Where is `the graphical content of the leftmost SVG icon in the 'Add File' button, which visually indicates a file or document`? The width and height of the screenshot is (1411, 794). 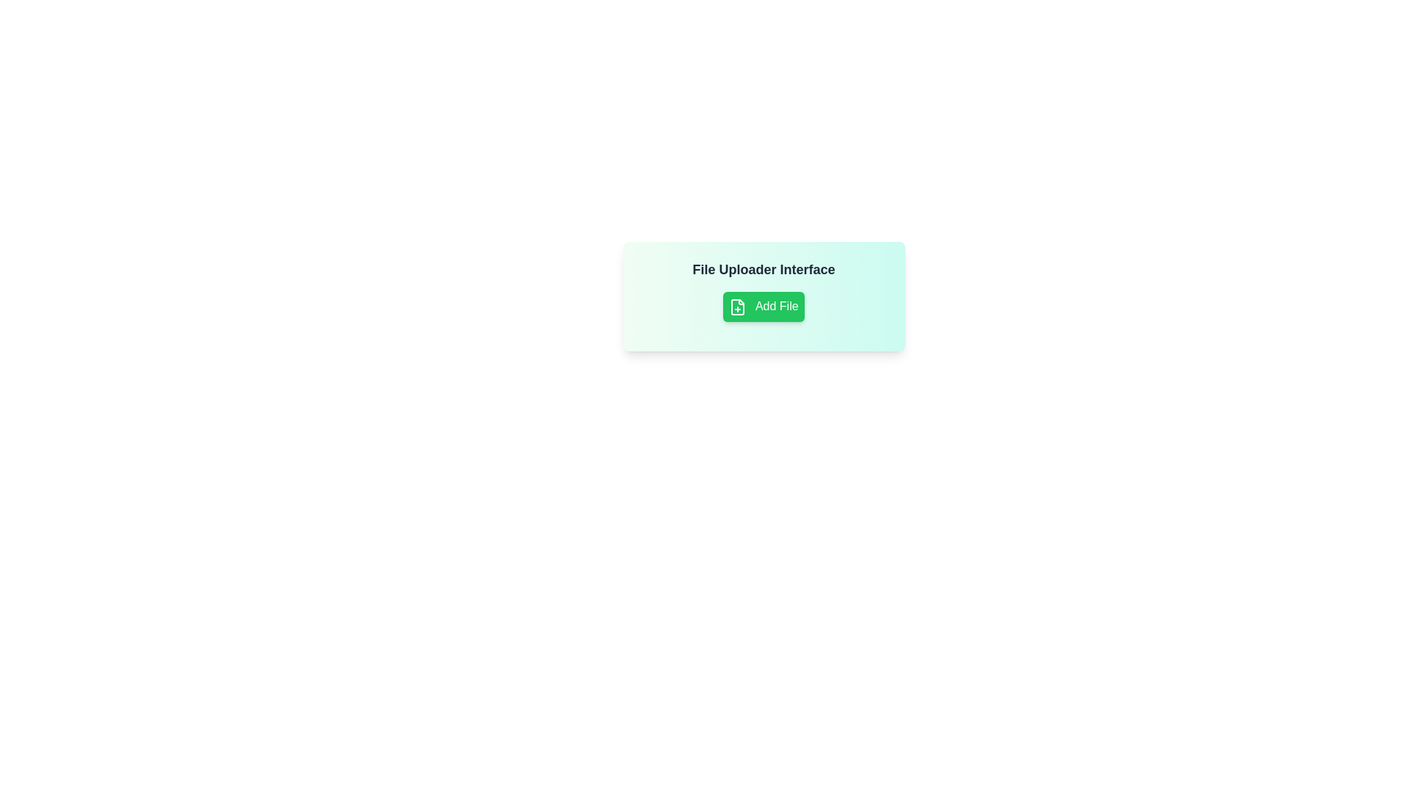 the graphical content of the leftmost SVG icon in the 'Add File' button, which visually indicates a file or document is located at coordinates (738, 306).